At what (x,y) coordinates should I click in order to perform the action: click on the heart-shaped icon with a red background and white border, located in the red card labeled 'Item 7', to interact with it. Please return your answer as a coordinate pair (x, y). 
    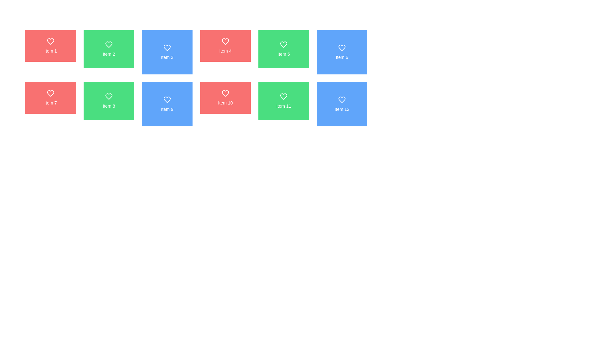
    Looking at the image, I should click on (50, 93).